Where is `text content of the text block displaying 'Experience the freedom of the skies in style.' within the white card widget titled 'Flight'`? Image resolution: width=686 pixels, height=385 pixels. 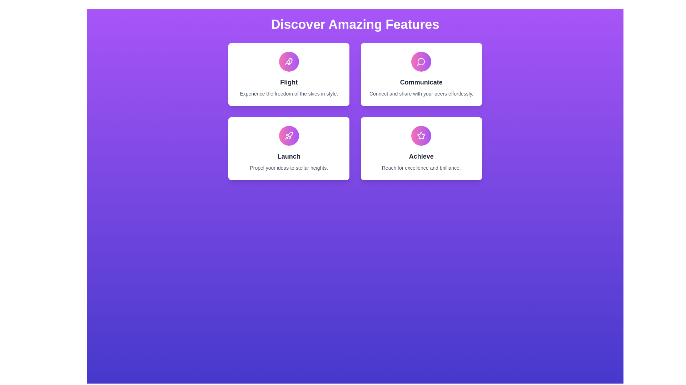 text content of the text block displaying 'Experience the freedom of the skies in style.' within the white card widget titled 'Flight' is located at coordinates (289, 93).